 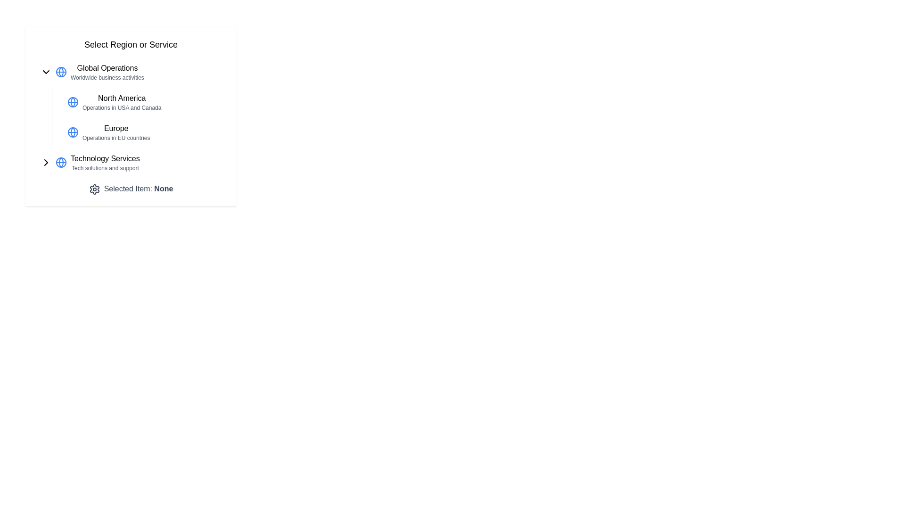 I want to click on the text label that reads 'Global Operations,' which is styled in standard black font on a white background and positioned above the smaller text 'Worldwide business activities.', so click(x=107, y=68).